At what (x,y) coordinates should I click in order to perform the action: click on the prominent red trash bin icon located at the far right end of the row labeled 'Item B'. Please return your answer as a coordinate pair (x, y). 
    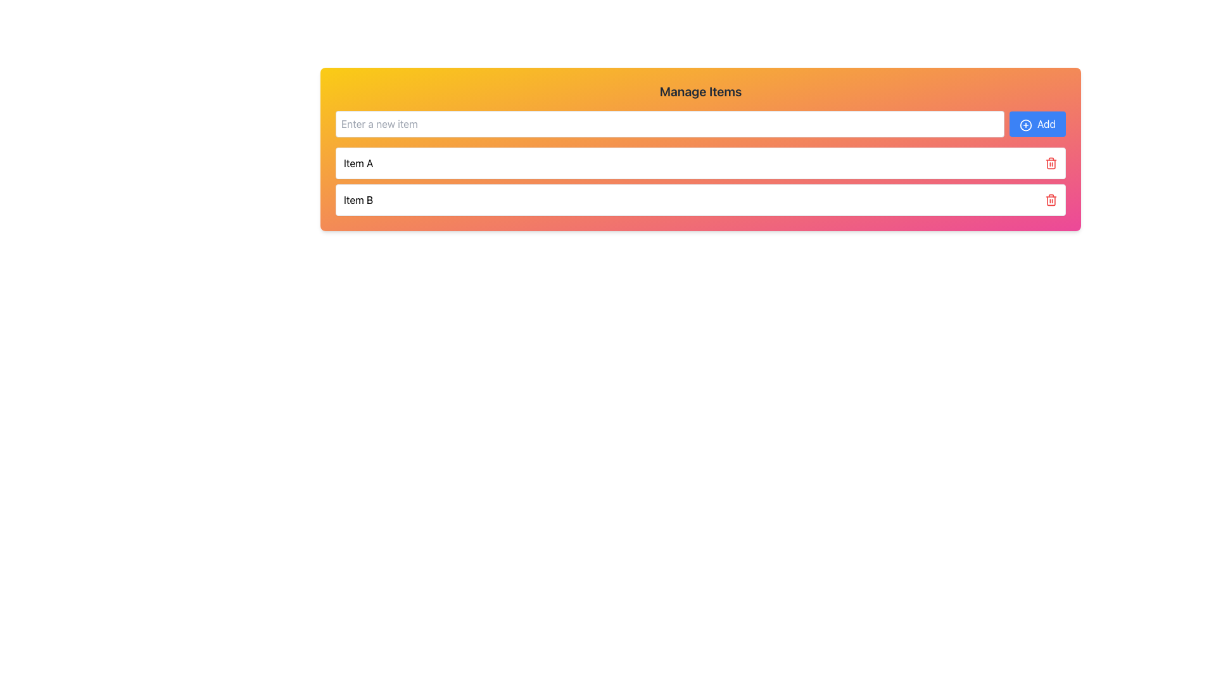
    Looking at the image, I should click on (1051, 199).